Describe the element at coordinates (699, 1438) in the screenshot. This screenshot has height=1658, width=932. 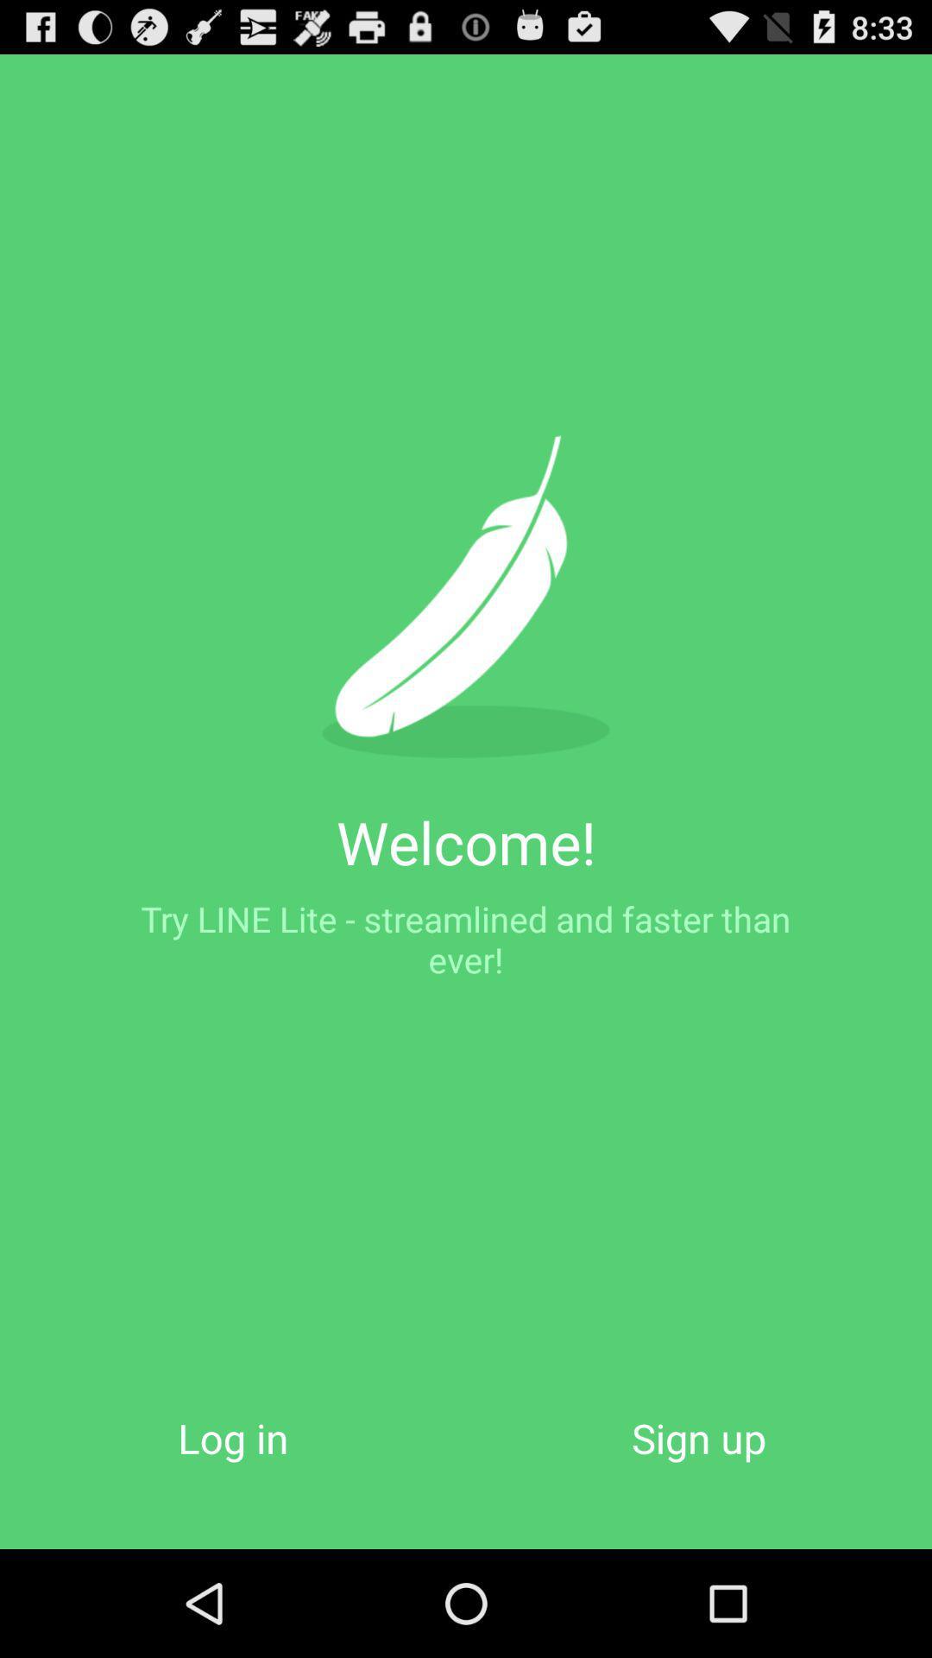
I see `the sign up icon` at that location.